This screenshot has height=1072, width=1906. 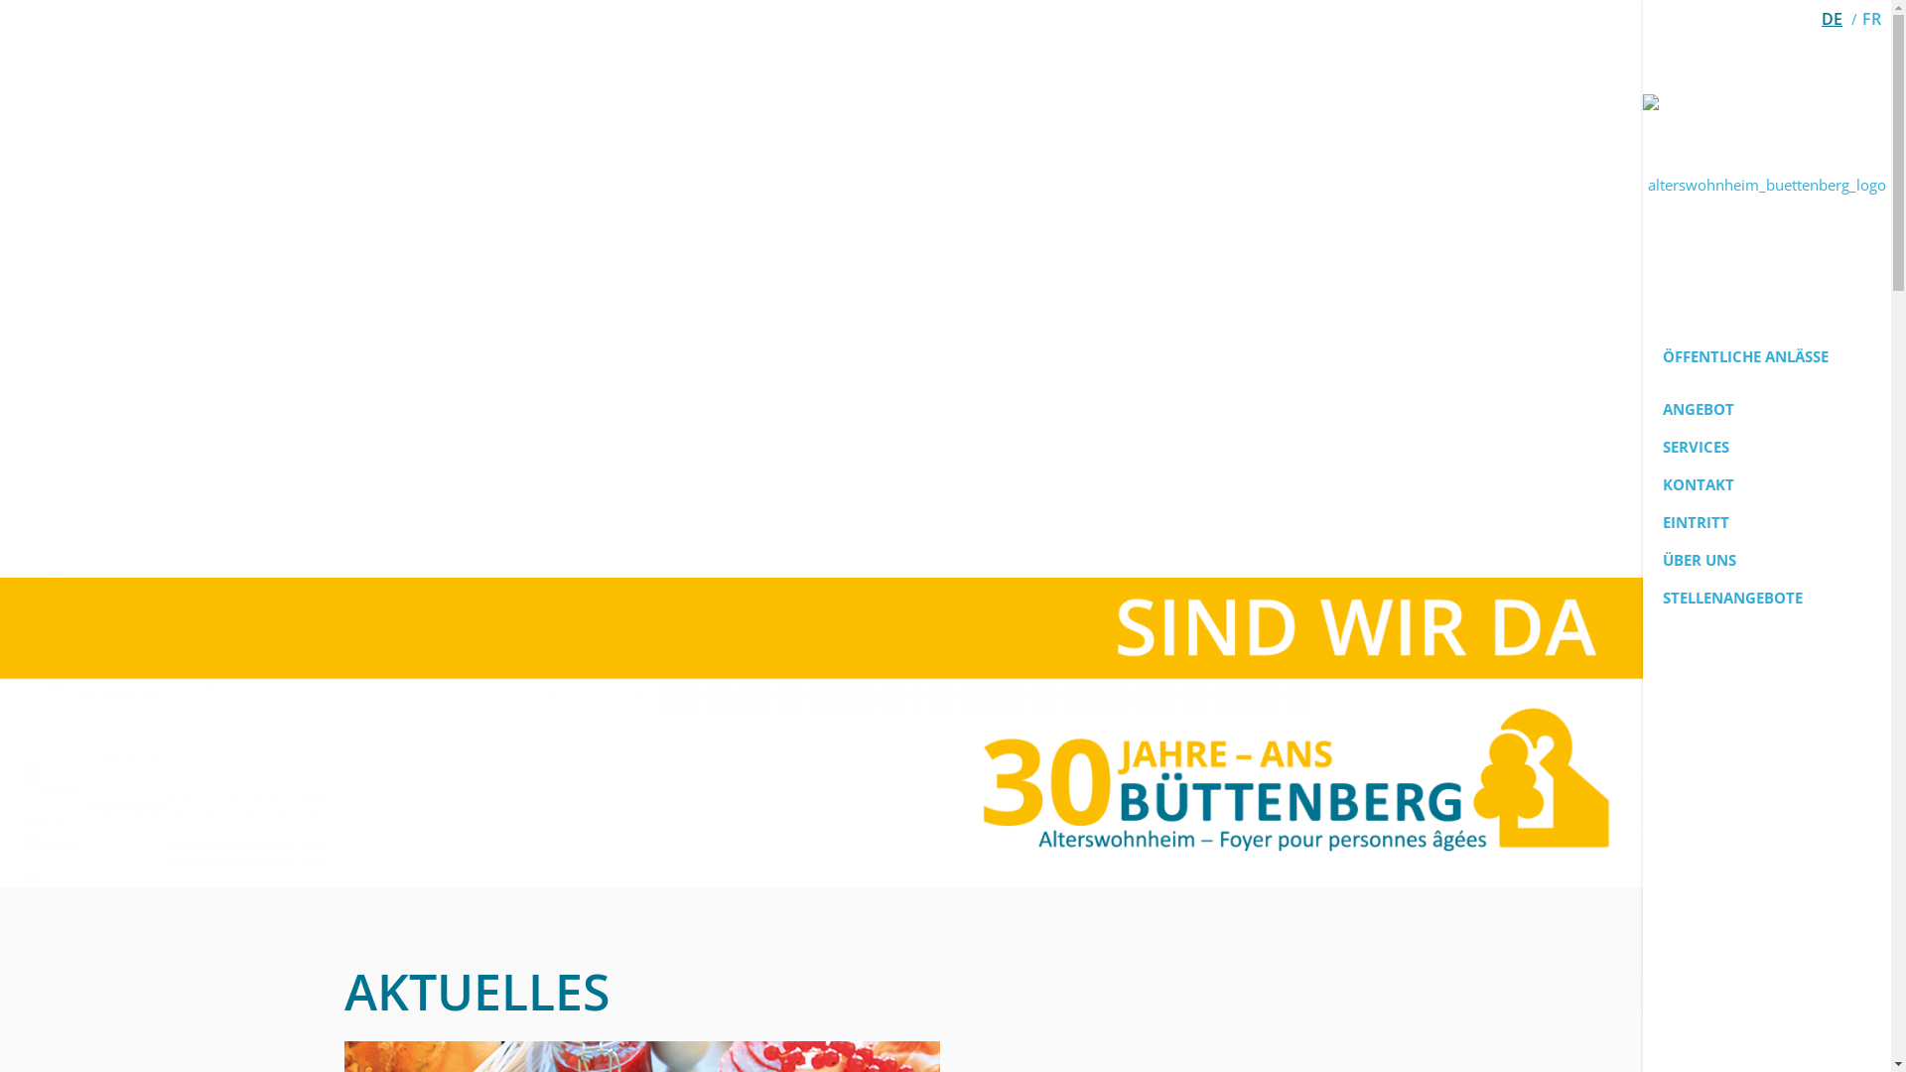 I want to click on 'SERVICES', so click(x=1767, y=447).